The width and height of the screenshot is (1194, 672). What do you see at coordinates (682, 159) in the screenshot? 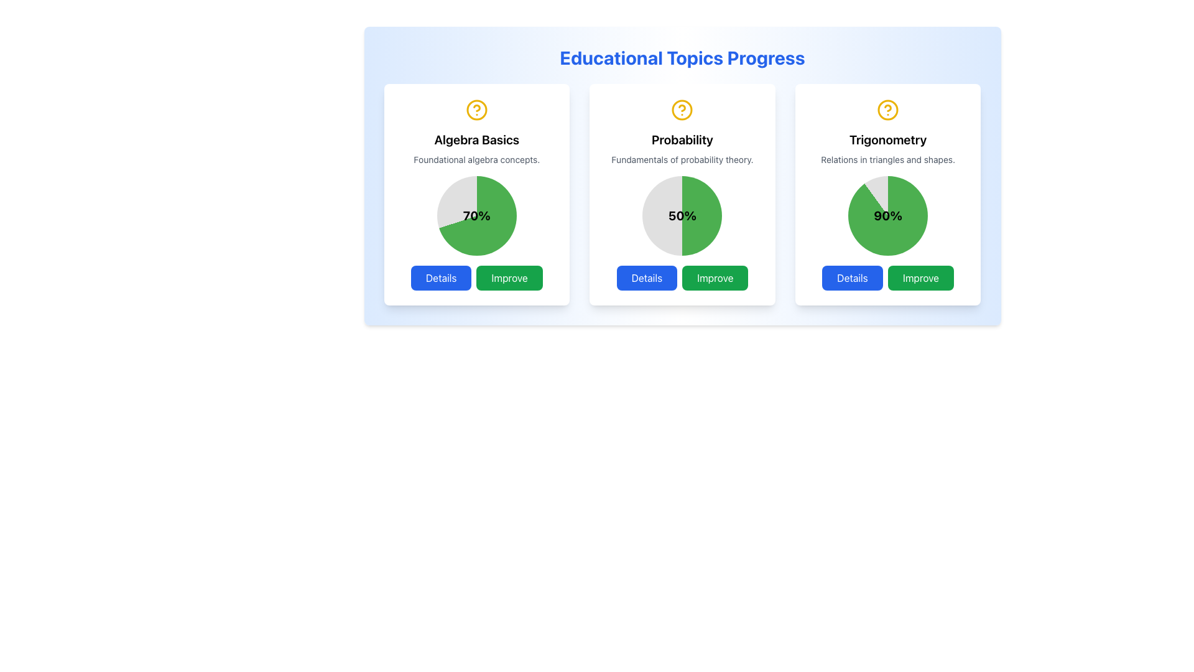
I see `supplementary text below the 'Probability' title in the middle card of a three-card layout` at bounding box center [682, 159].